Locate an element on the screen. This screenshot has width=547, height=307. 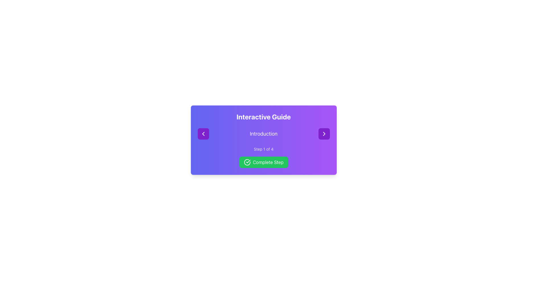
the text block displaying 'Interactive Guide' in bold, centered alignment, with a large font size and white color against a gradient purple background is located at coordinates (263, 117).